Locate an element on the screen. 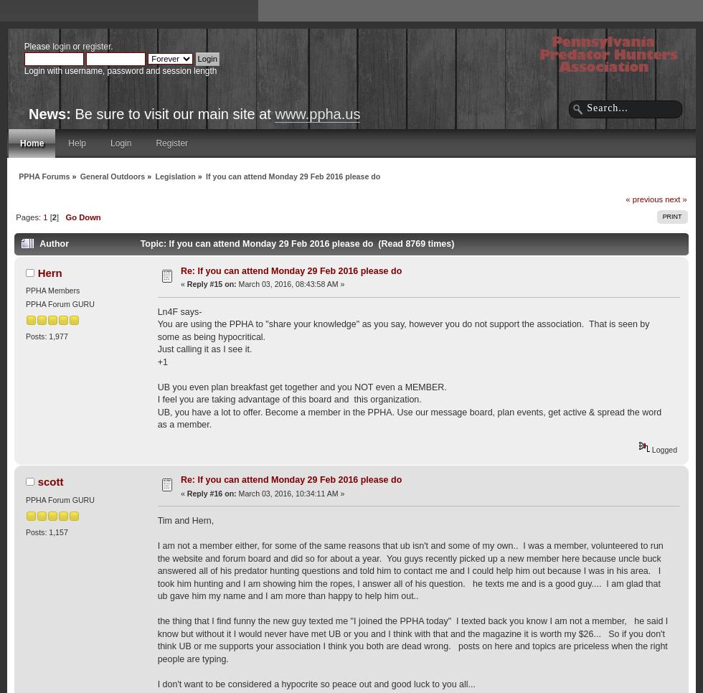 The height and width of the screenshot is (693, 703). 'General Outdoors' is located at coordinates (112, 175).